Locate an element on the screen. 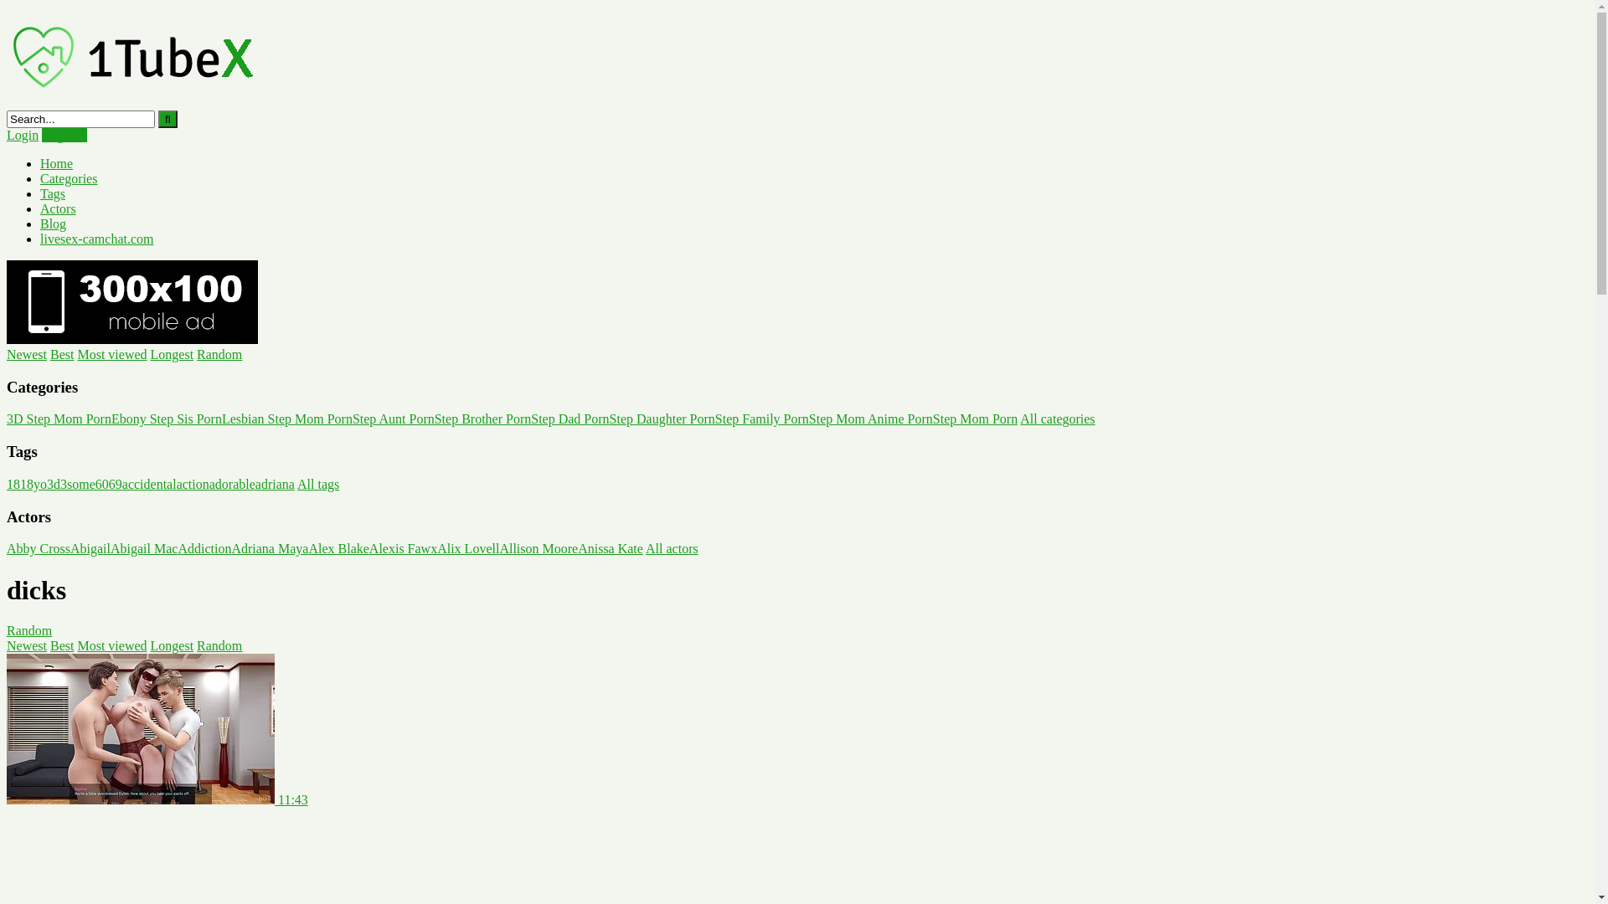 This screenshot has width=1608, height=904. 'Best' is located at coordinates (61, 353).